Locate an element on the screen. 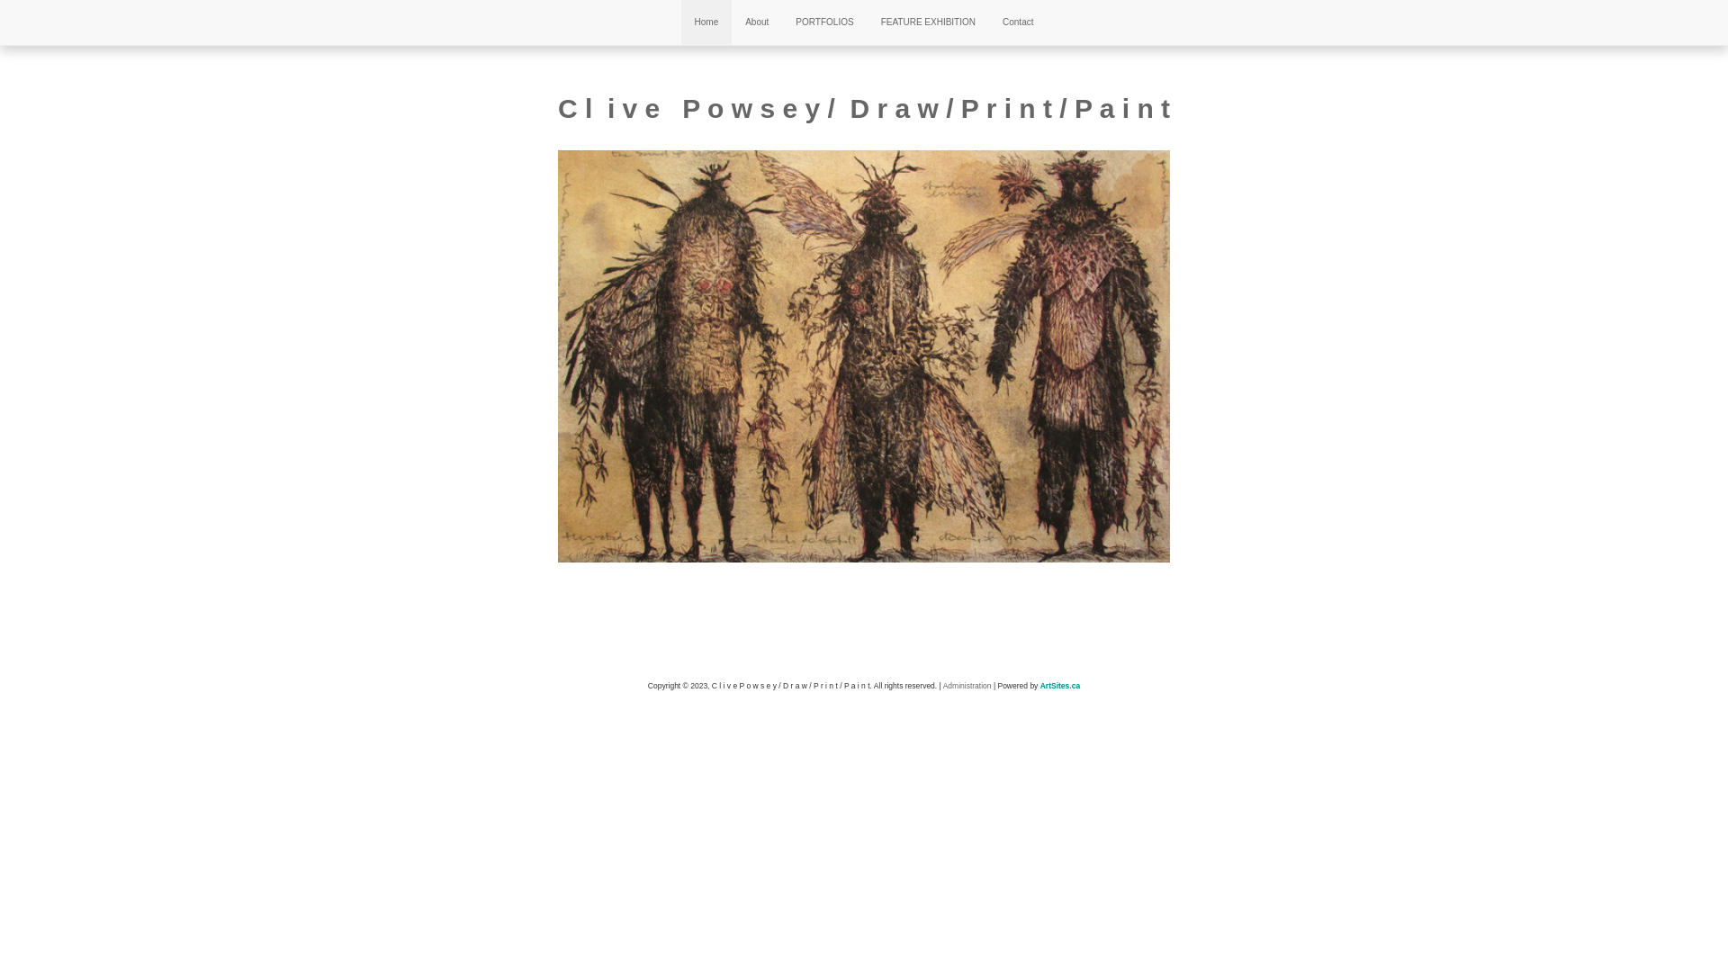  'Administration' is located at coordinates (967, 686).